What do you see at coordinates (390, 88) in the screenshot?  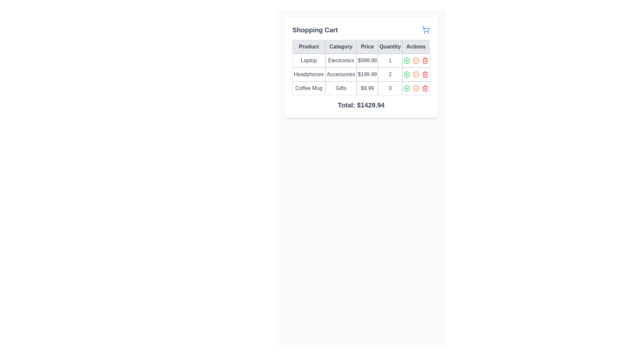 I see `the non-editable quantity display for the 'Coffee Mug' item, located in the fourth cell of the shopping cart table under the 'Quantity' column` at bounding box center [390, 88].